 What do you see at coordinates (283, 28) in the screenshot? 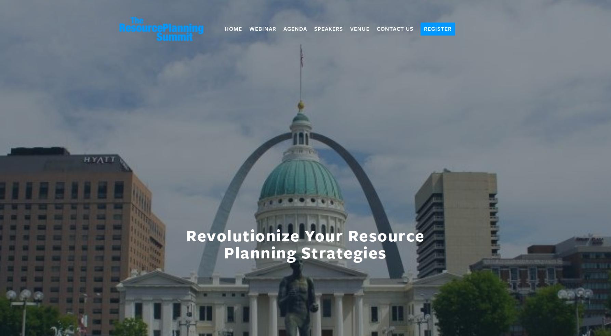
I see `'Agenda'` at bounding box center [283, 28].